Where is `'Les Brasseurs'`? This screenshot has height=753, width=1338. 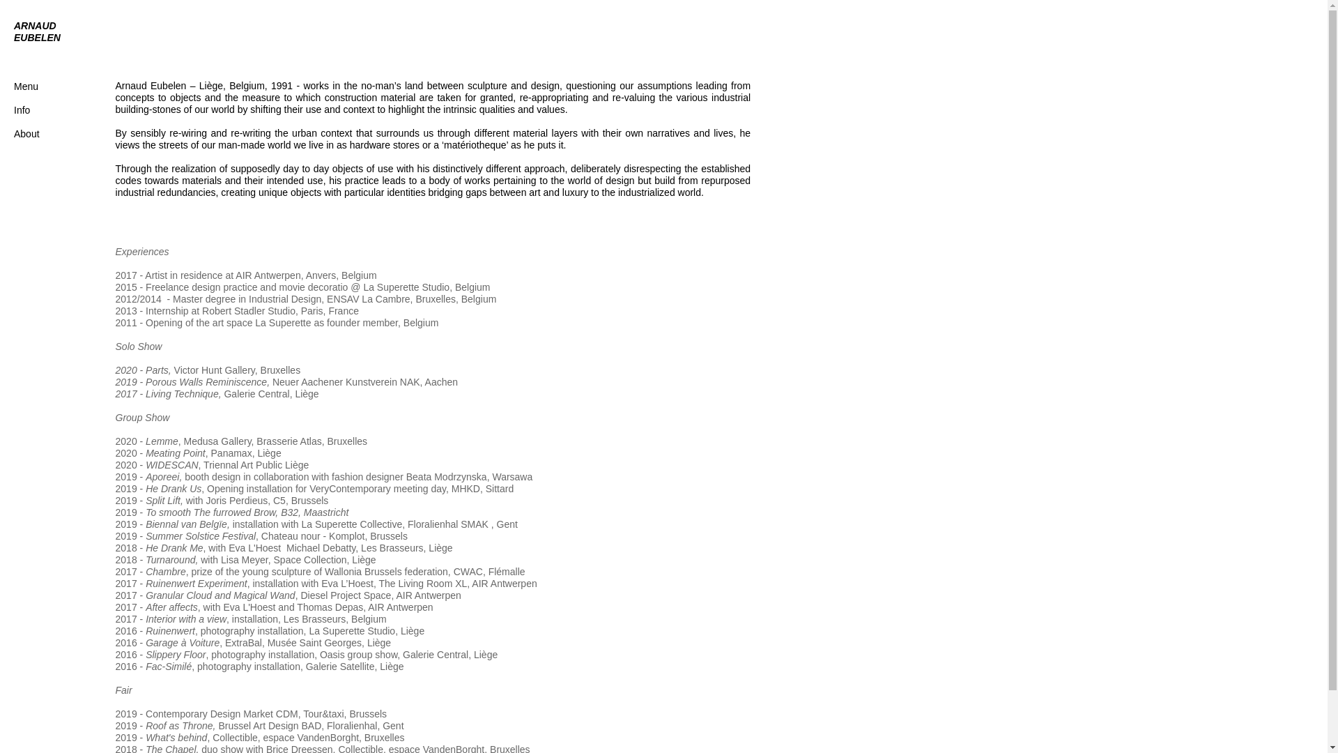
'Les Brasseurs' is located at coordinates (314, 618).